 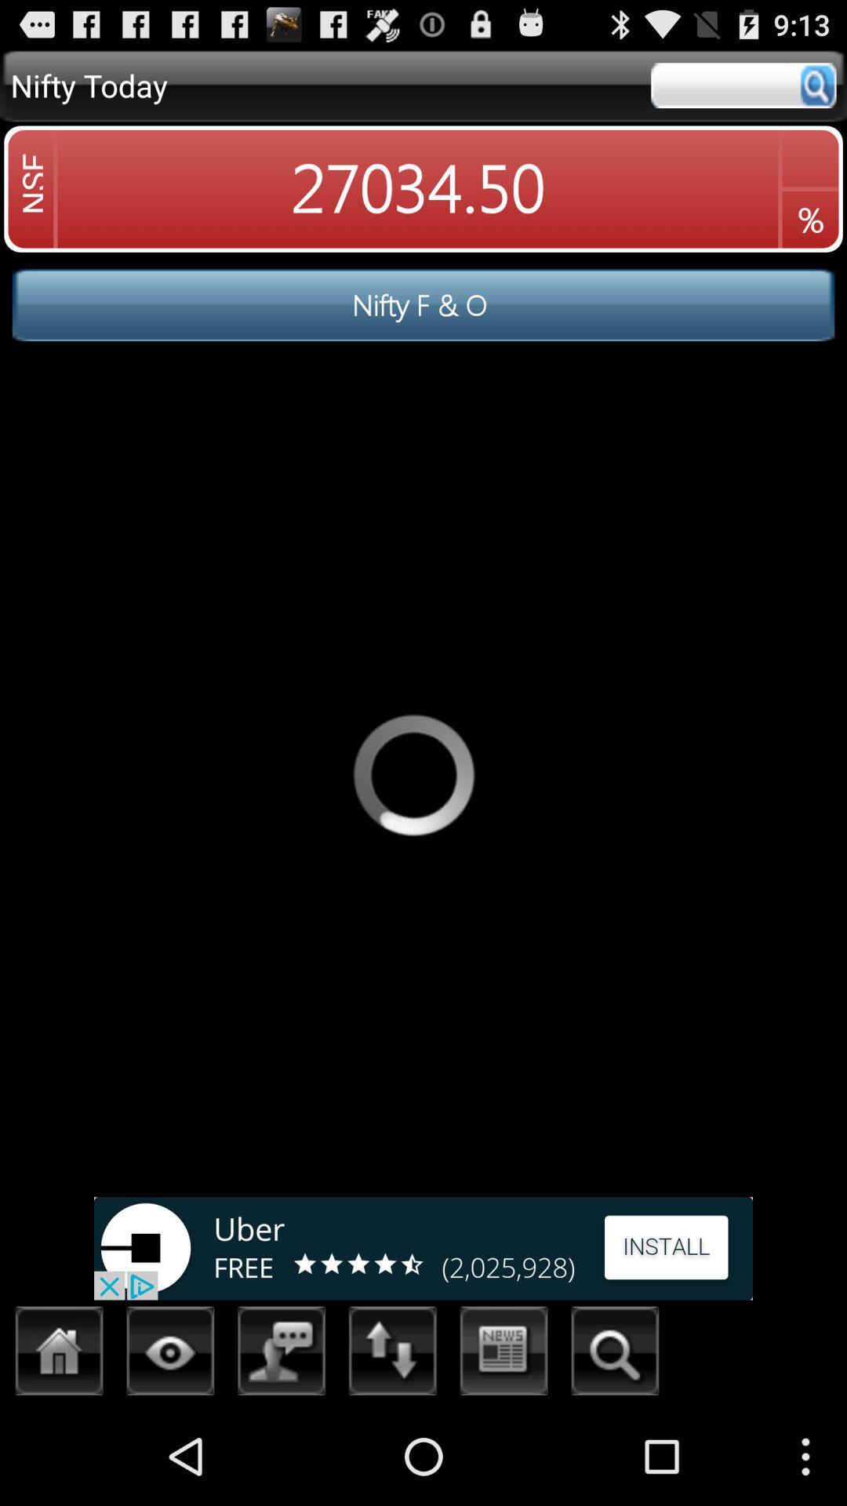 I want to click on search bar, so click(x=743, y=85).